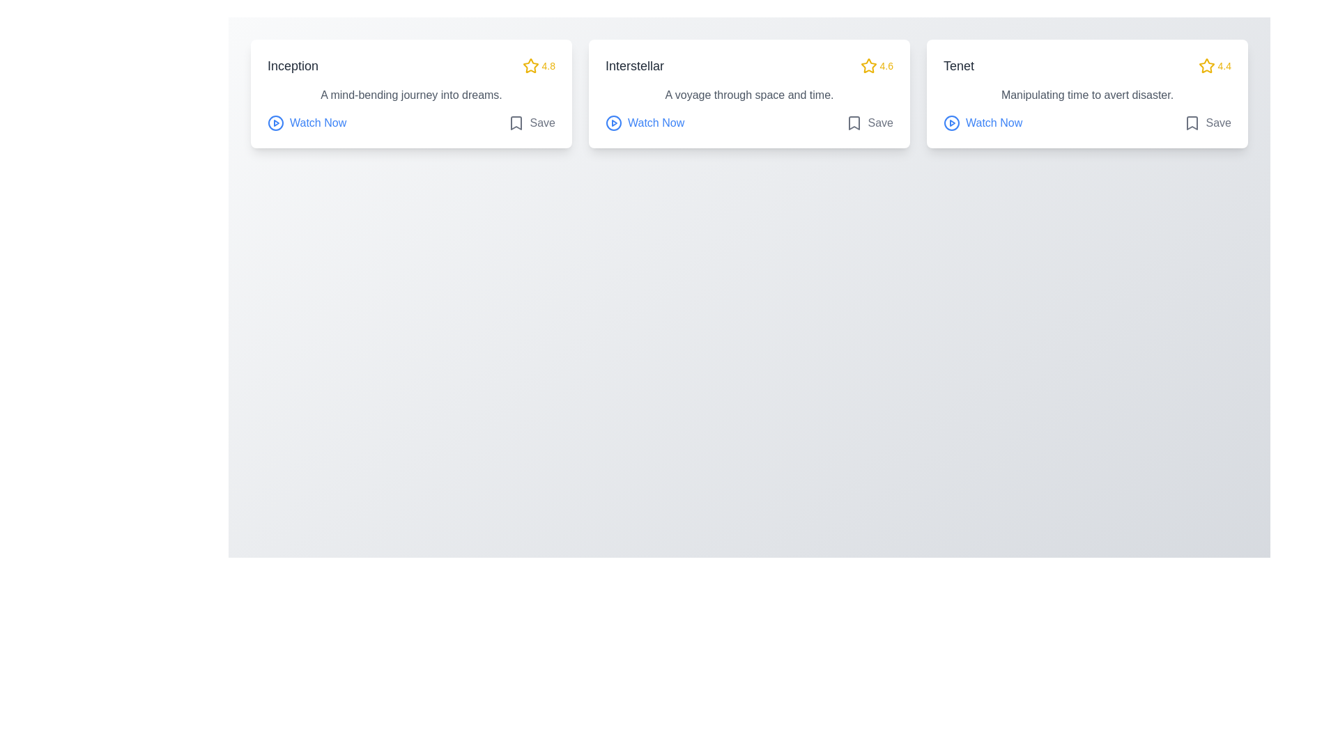  I want to click on the Rating Display element that shows the rating of the 'Inception' card, located in the top-right corner of the card, so click(538, 66).